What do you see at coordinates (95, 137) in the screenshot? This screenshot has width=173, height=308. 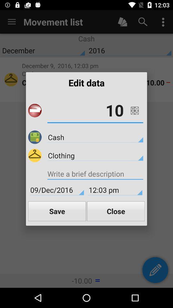 I see `icon above clothing icon` at bounding box center [95, 137].